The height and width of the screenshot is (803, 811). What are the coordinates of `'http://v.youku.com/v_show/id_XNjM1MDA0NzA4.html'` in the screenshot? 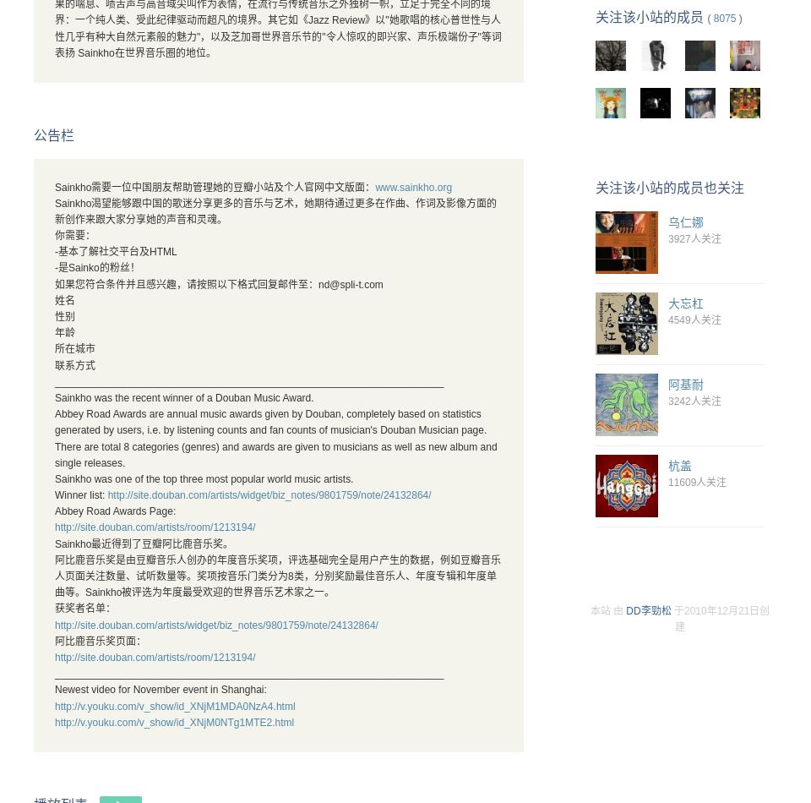 It's located at (174, 704).